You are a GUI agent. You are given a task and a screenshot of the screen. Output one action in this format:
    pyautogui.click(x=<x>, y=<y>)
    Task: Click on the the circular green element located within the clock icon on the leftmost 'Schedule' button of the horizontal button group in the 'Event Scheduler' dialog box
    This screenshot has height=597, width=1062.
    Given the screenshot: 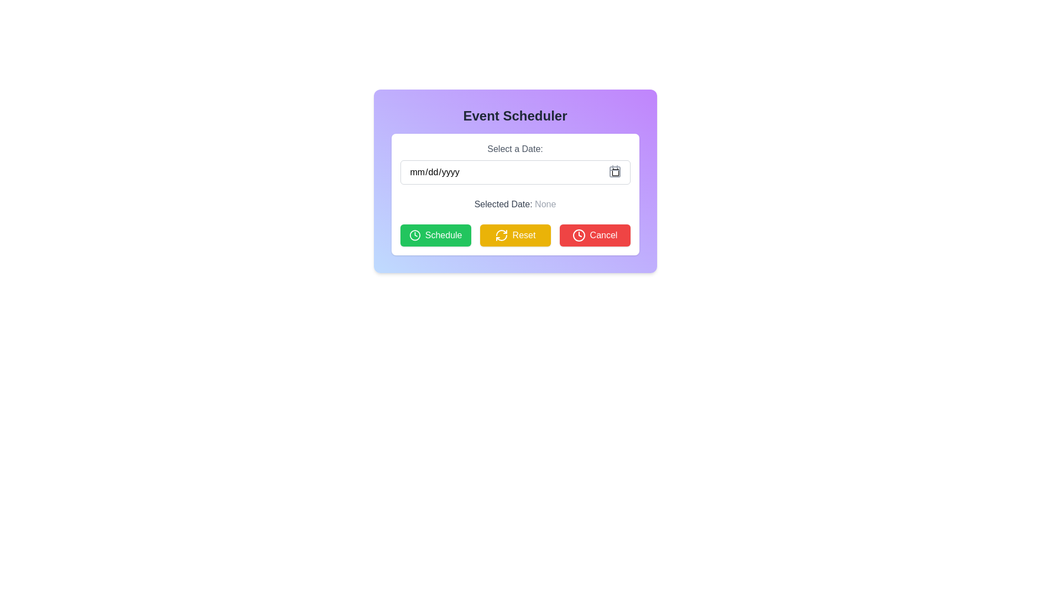 What is the action you would take?
    pyautogui.click(x=414, y=234)
    